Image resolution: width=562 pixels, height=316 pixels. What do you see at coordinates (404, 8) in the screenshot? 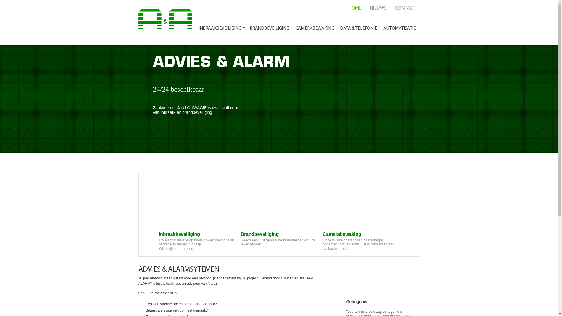
I see `'CONTACT'` at bounding box center [404, 8].